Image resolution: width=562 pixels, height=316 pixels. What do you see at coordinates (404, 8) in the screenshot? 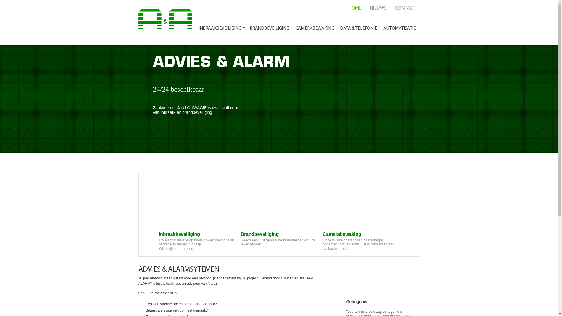
I see `'CONTACT'` at bounding box center [404, 8].